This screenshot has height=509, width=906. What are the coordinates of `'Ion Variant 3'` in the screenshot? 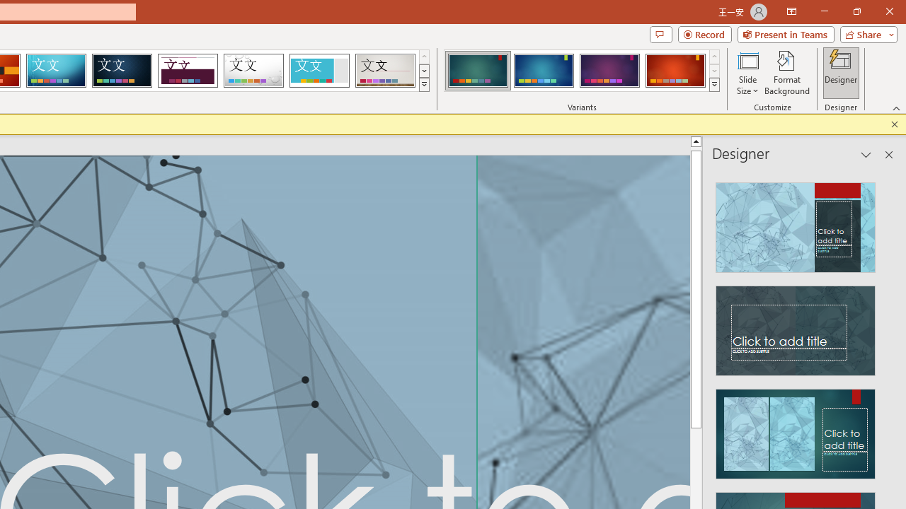 It's located at (609, 71).